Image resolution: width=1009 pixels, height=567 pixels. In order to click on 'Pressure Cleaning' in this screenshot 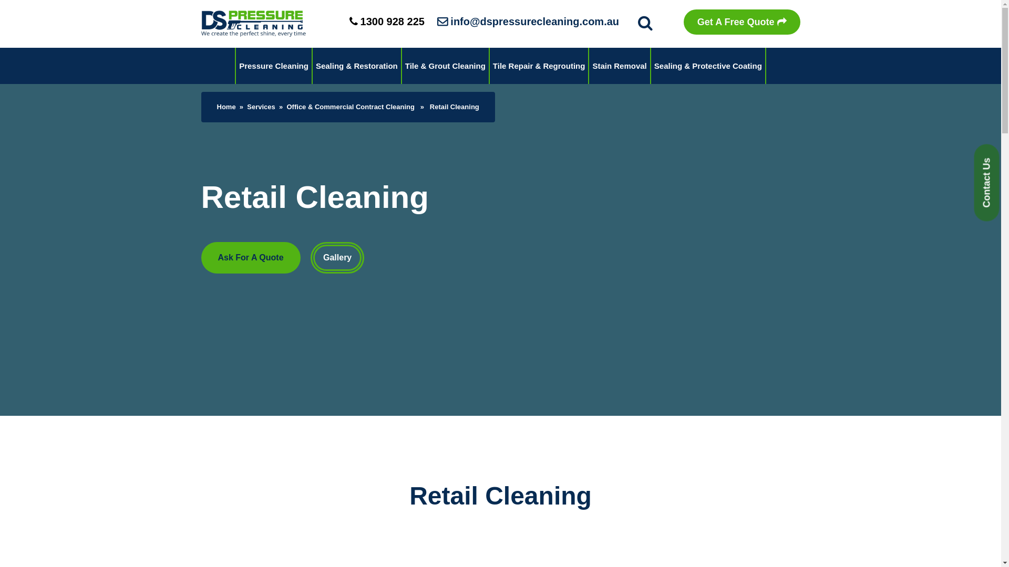, I will do `click(274, 66)`.